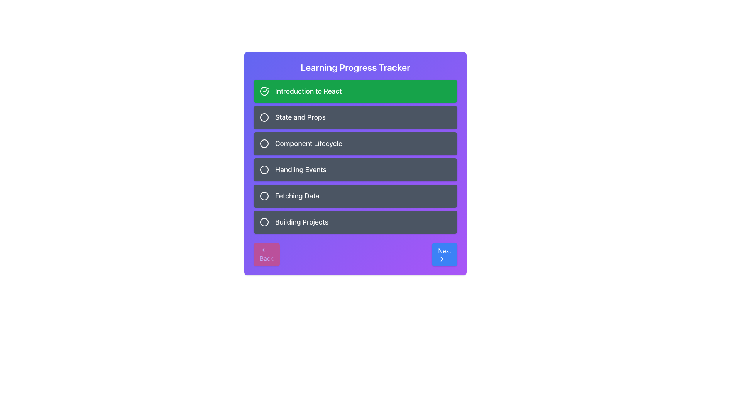  I want to click on text content of the 'Component Lifecycle' label, which is styled in white color and located in the third position of a vertical list of progress steps, so click(308, 144).